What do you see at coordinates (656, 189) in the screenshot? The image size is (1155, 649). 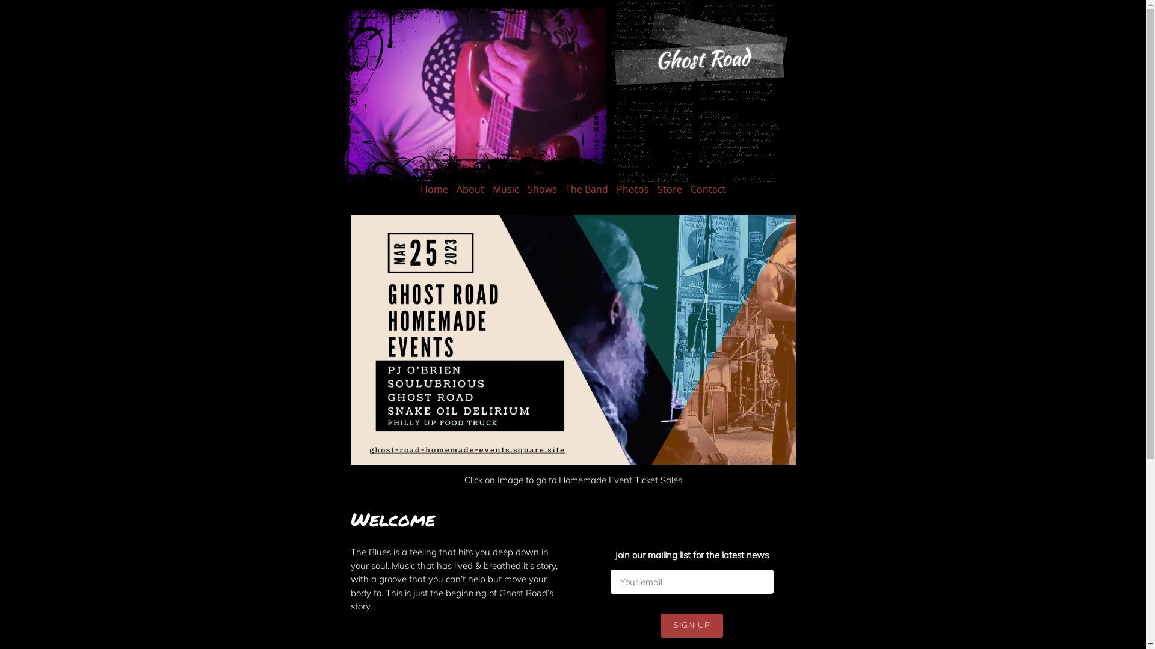 I see `'Store'` at bounding box center [656, 189].